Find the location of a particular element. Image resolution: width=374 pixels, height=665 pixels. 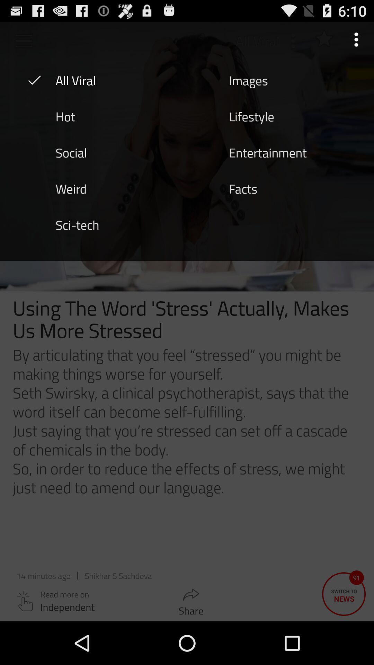

the icon below lifestyle icon is located at coordinates (267, 152).